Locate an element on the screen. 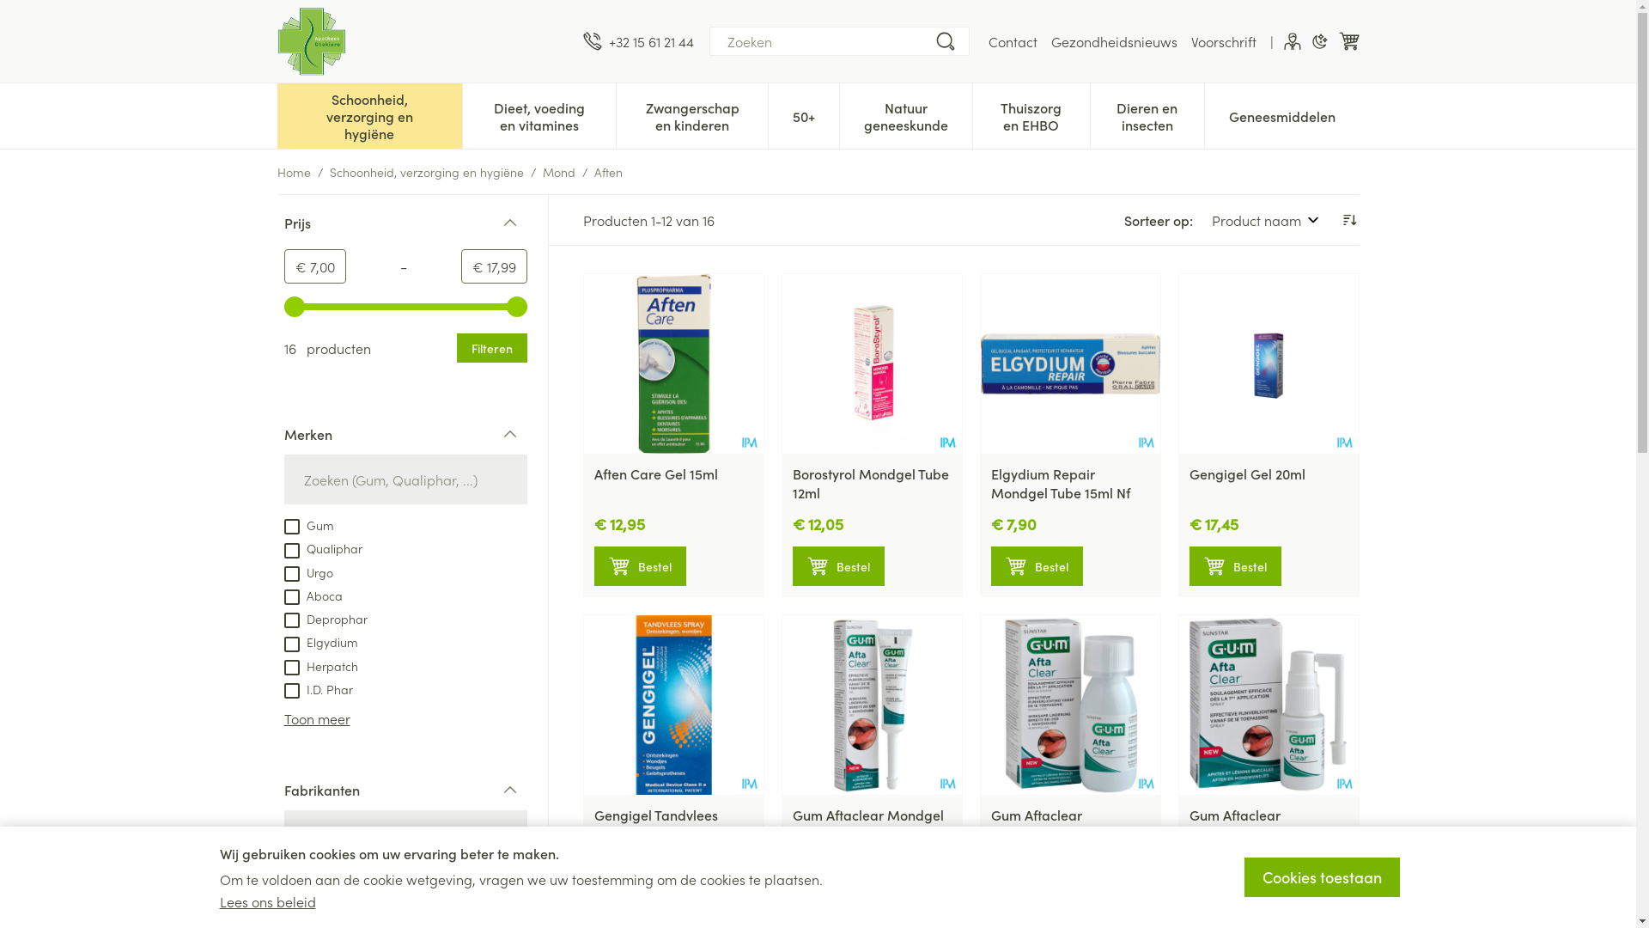  'Deprophar' is located at coordinates (325, 616).